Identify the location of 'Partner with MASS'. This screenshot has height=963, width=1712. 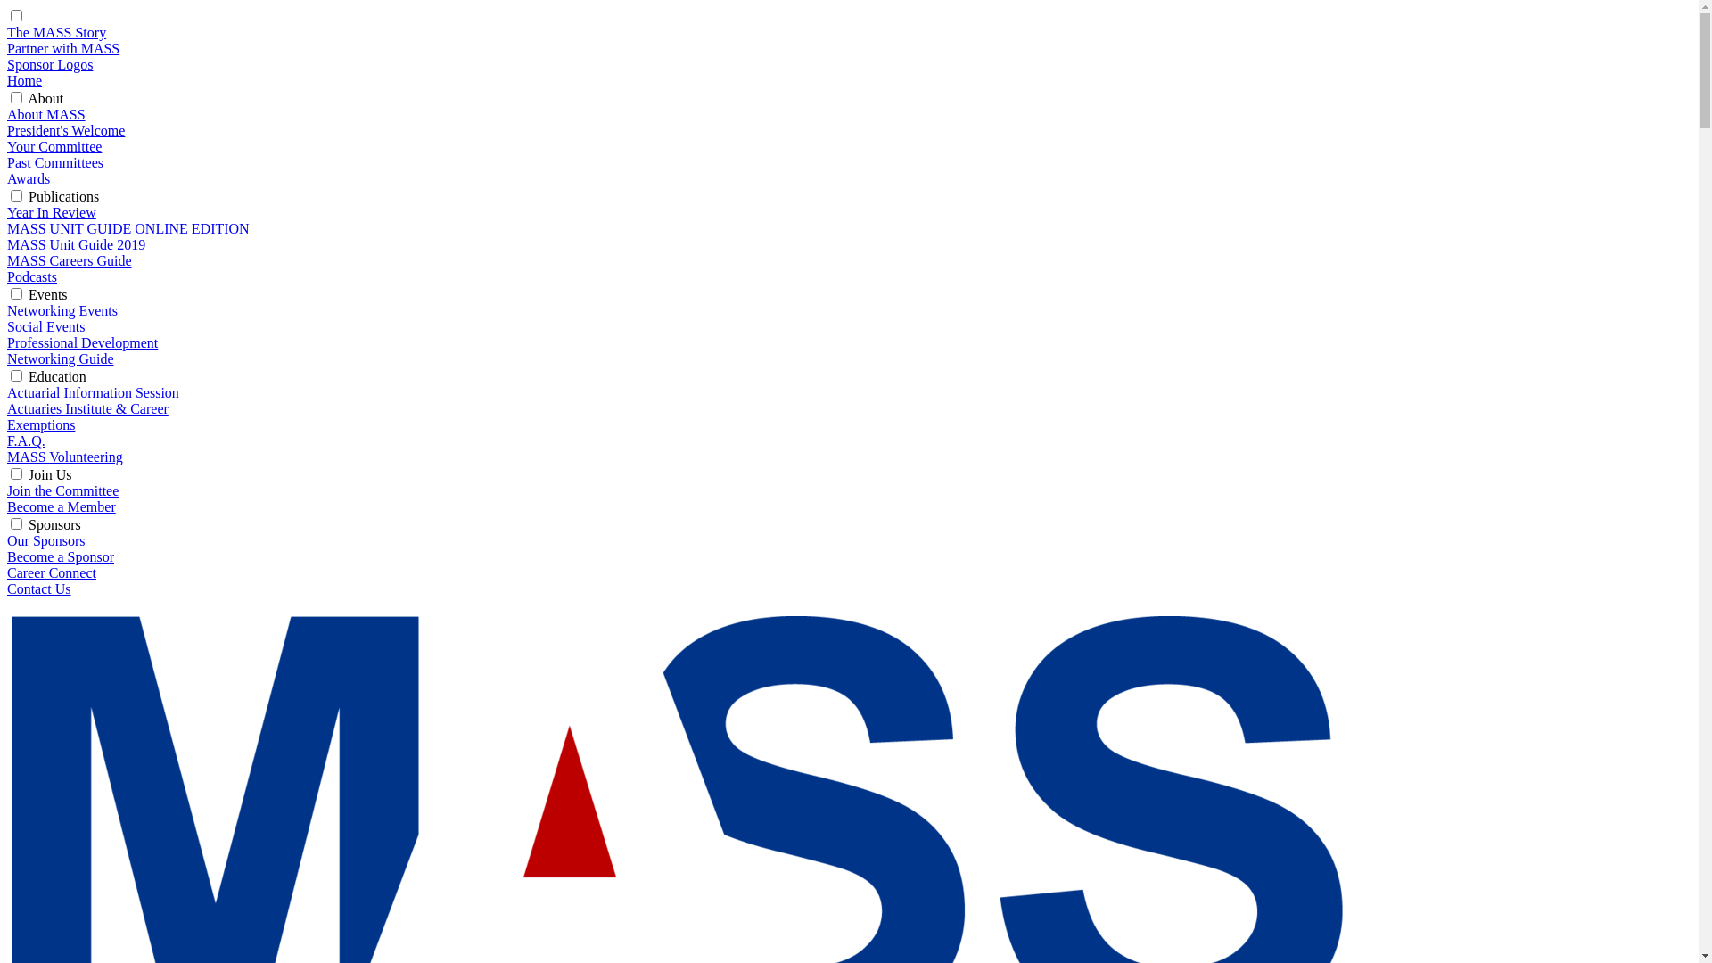
(63, 47).